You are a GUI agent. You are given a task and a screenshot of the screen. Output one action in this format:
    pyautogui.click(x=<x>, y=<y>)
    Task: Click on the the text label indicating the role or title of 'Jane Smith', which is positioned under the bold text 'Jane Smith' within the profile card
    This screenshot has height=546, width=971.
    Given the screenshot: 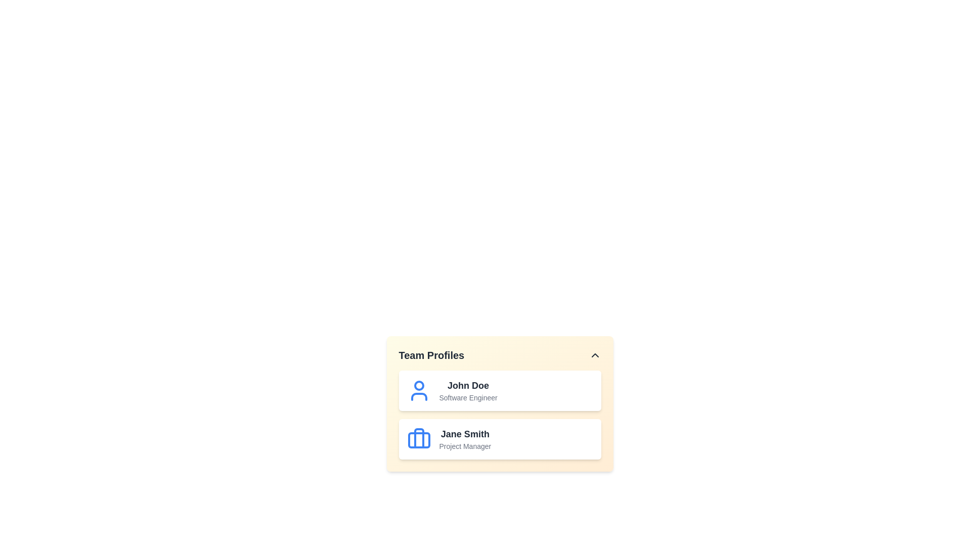 What is the action you would take?
    pyautogui.click(x=464, y=446)
    